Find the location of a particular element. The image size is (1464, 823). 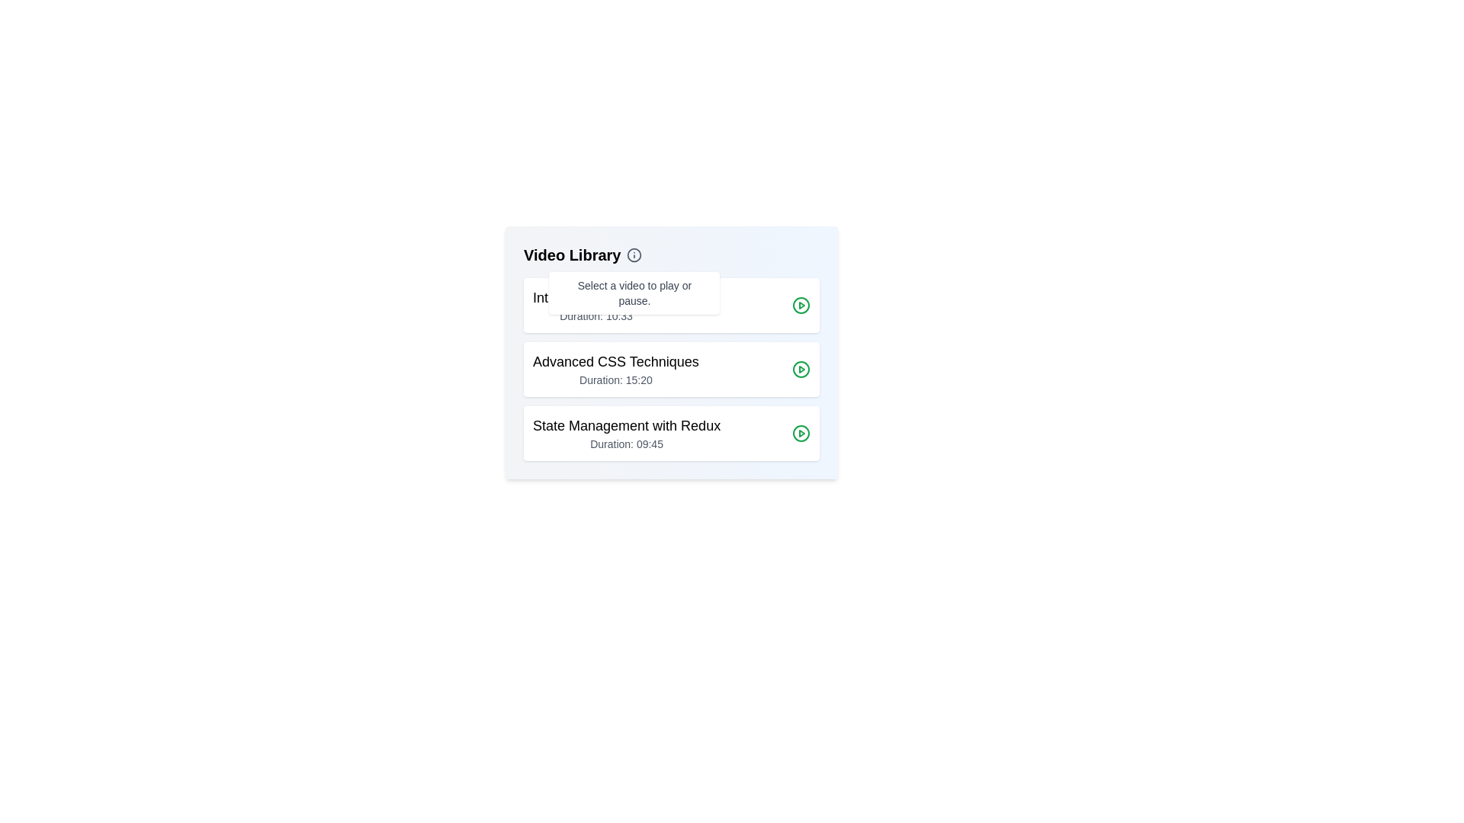

the play button located at the far-right side of the card displaying 'Advanced CSS Techniques' is located at coordinates (801, 370).